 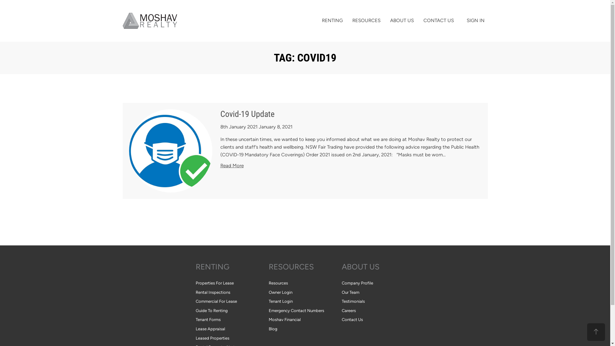 What do you see at coordinates (232, 301) in the screenshot?
I see `'Commercial For Lease'` at bounding box center [232, 301].